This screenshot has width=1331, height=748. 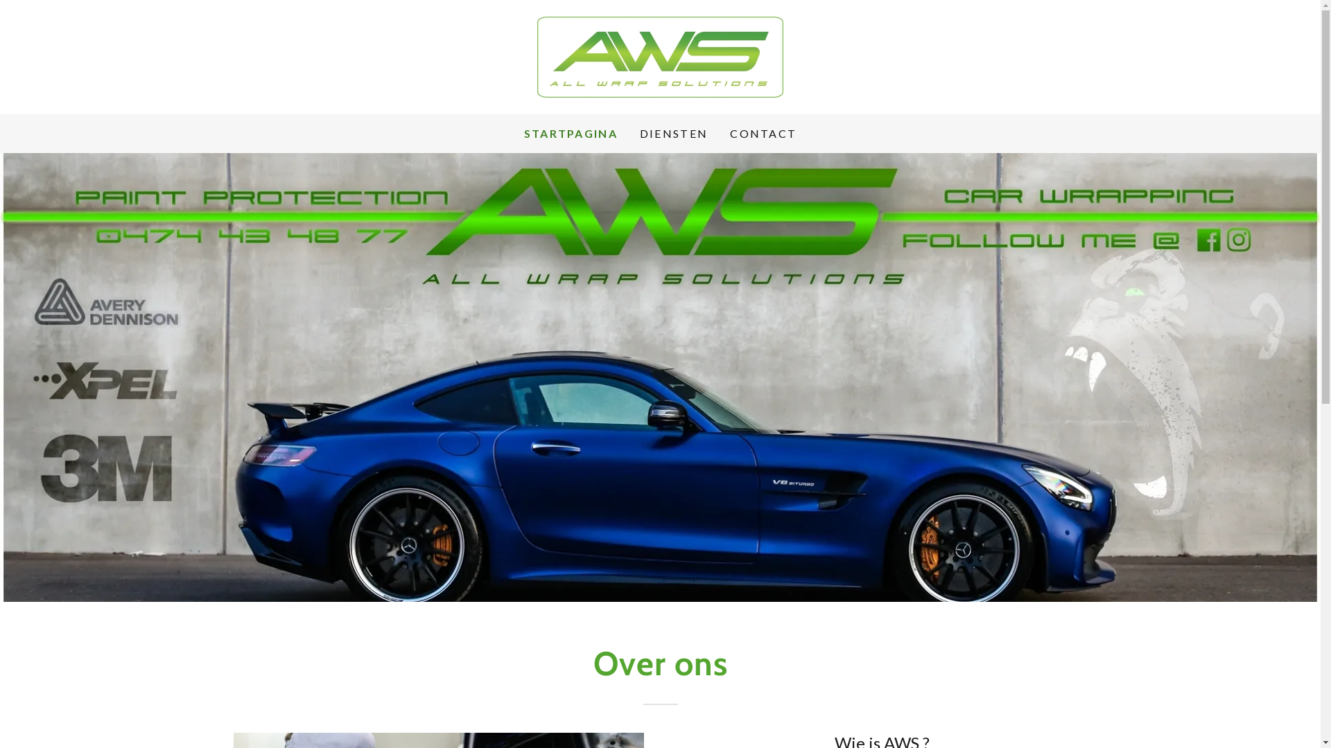 What do you see at coordinates (724, 133) in the screenshot?
I see `'CONTACT'` at bounding box center [724, 133].